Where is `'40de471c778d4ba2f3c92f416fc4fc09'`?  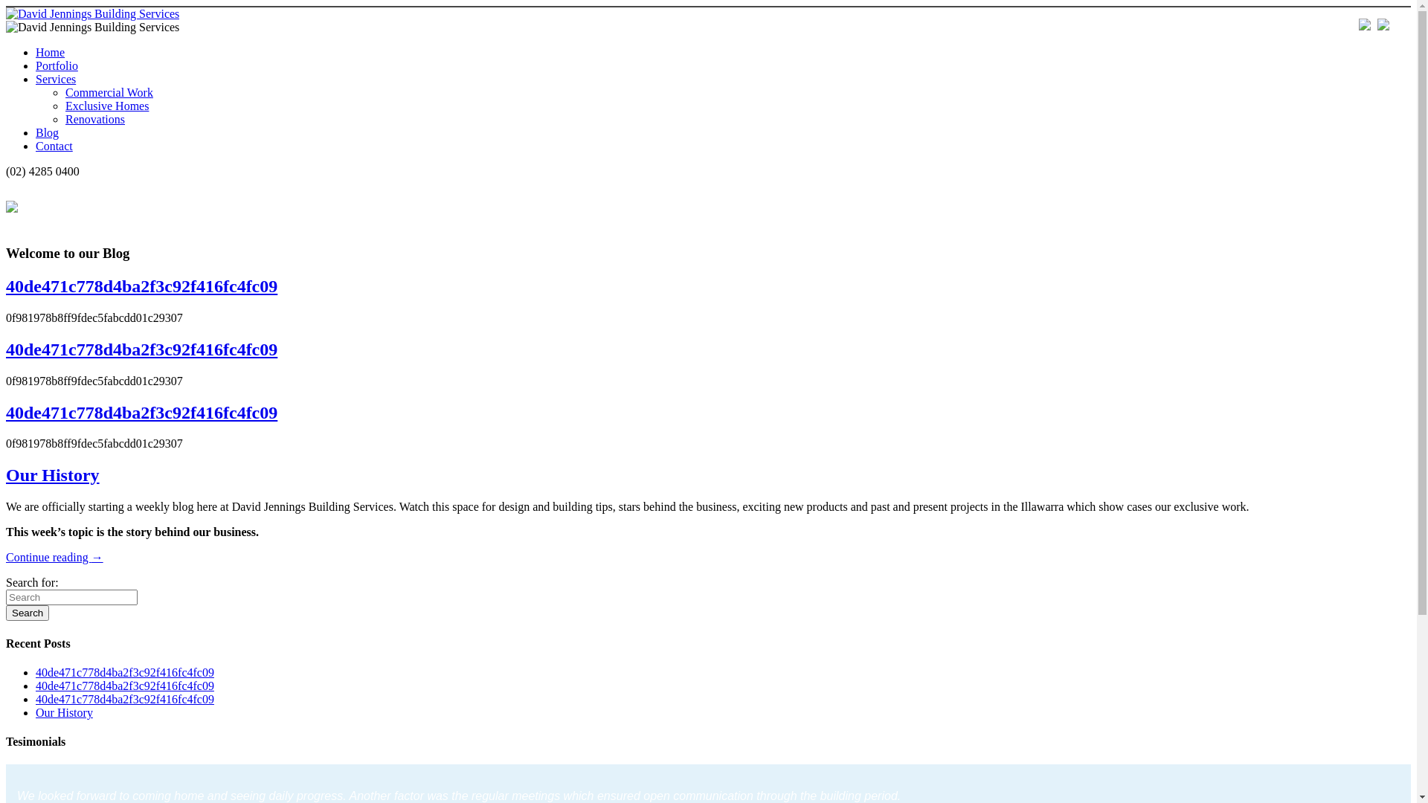
'40de471c778d4ba2f3c92f416fc4fc09' is located at coordinates (125, 672).